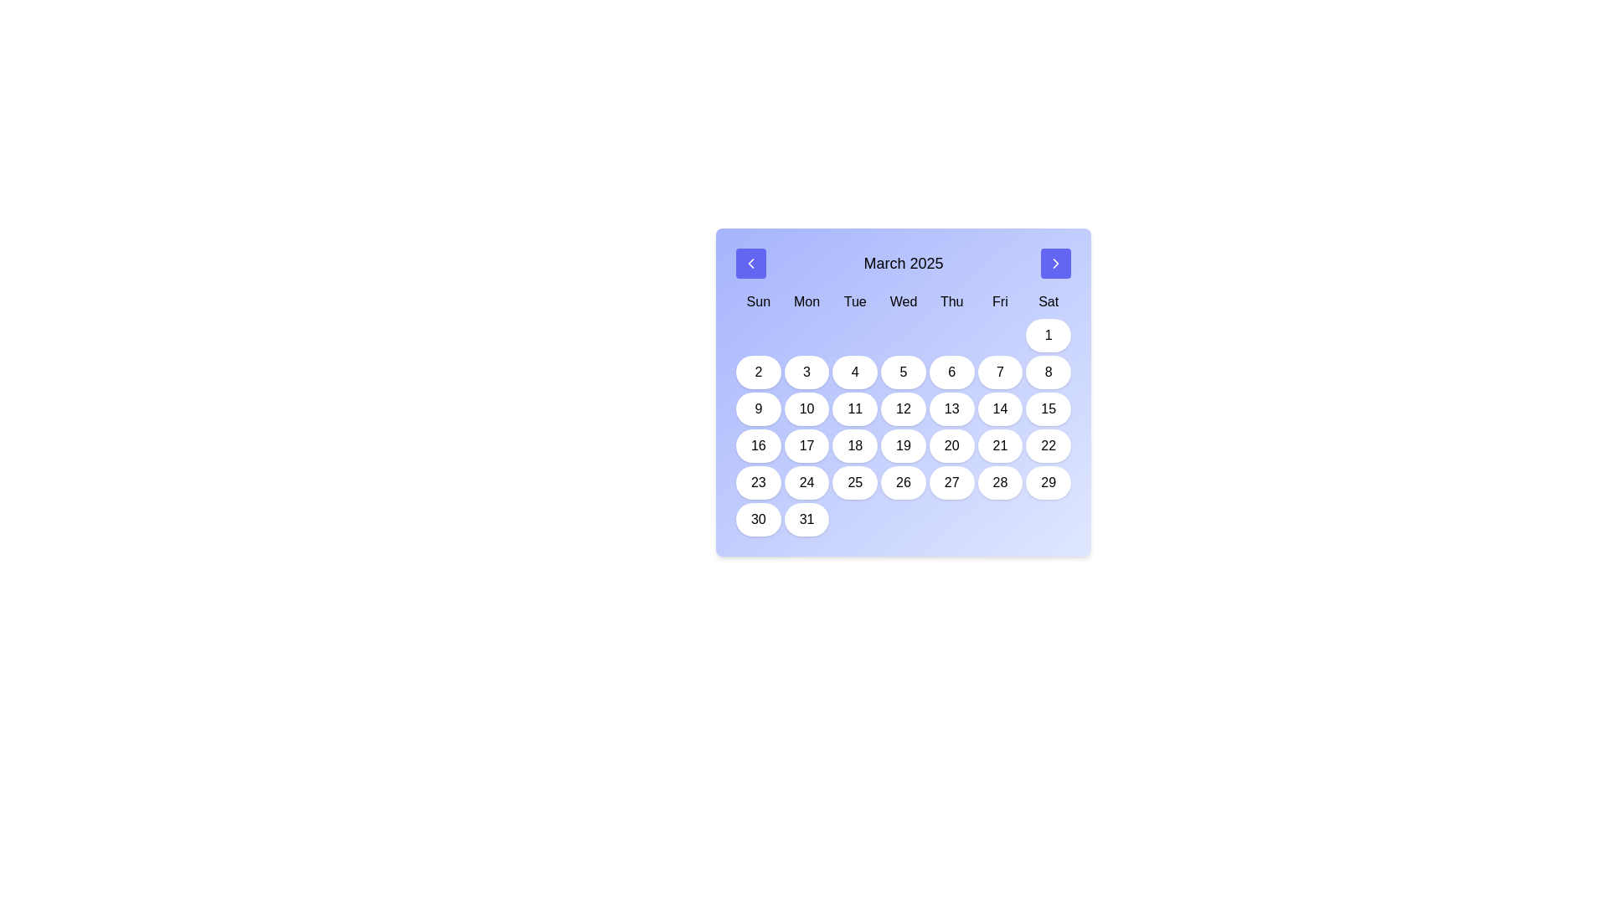 Image resolution: width=1608 pixels, height=904 pixels. What do you see at coordinates (1000, 371) in the screenshot?
I see `the calendar date '7' button located in the second row and sixth column of the calendar grid to trigger a color change` at bounding box center [1000, 371].